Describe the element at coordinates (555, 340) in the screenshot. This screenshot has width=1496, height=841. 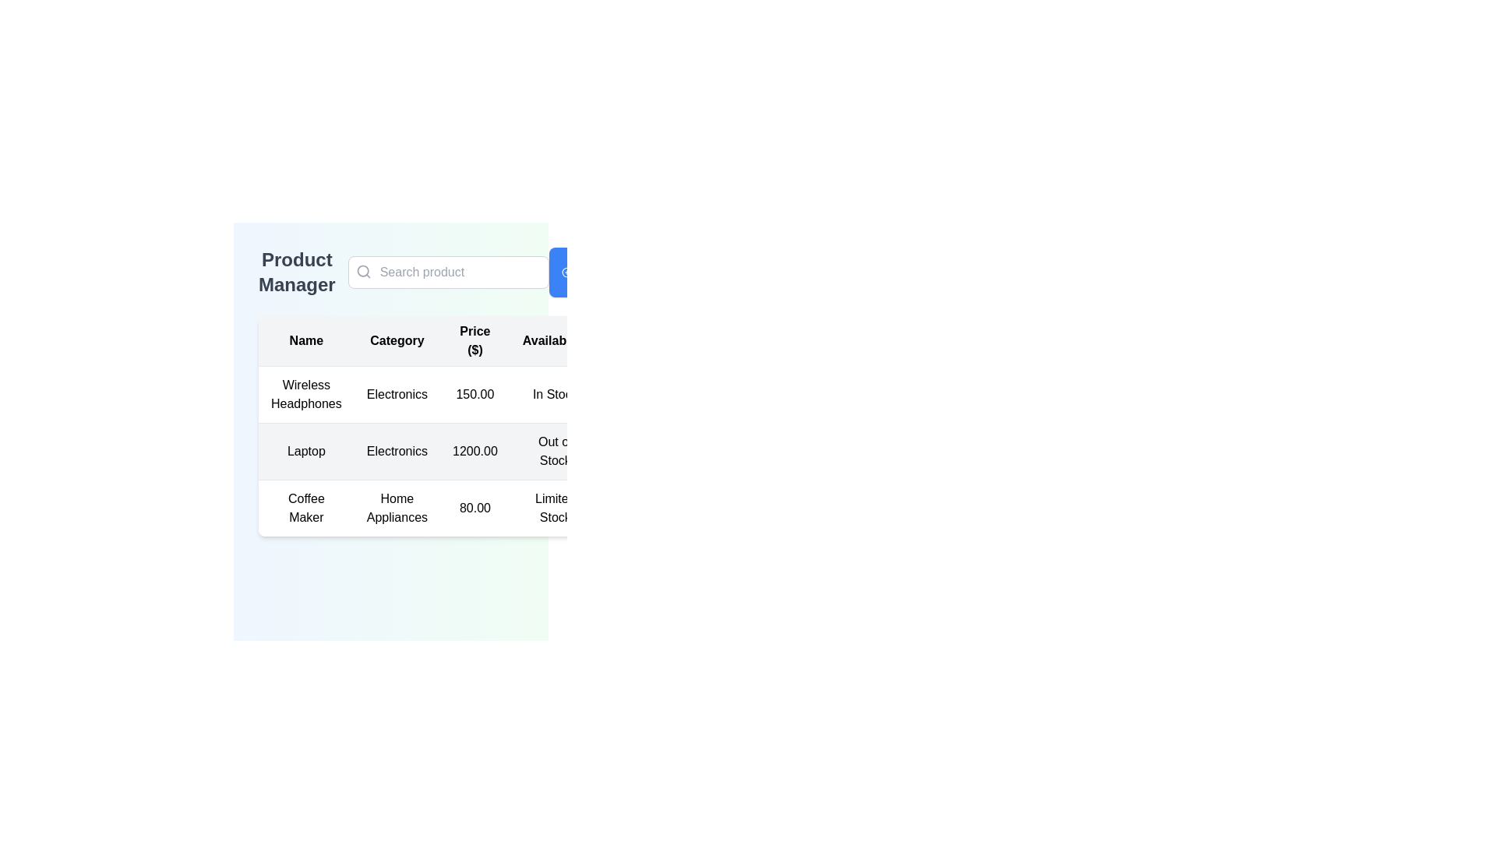
I see `the table header element located at the fourth position, indicating availability-related information for listed items, situated between 'Price ($)' and 'Actions'` at that location.